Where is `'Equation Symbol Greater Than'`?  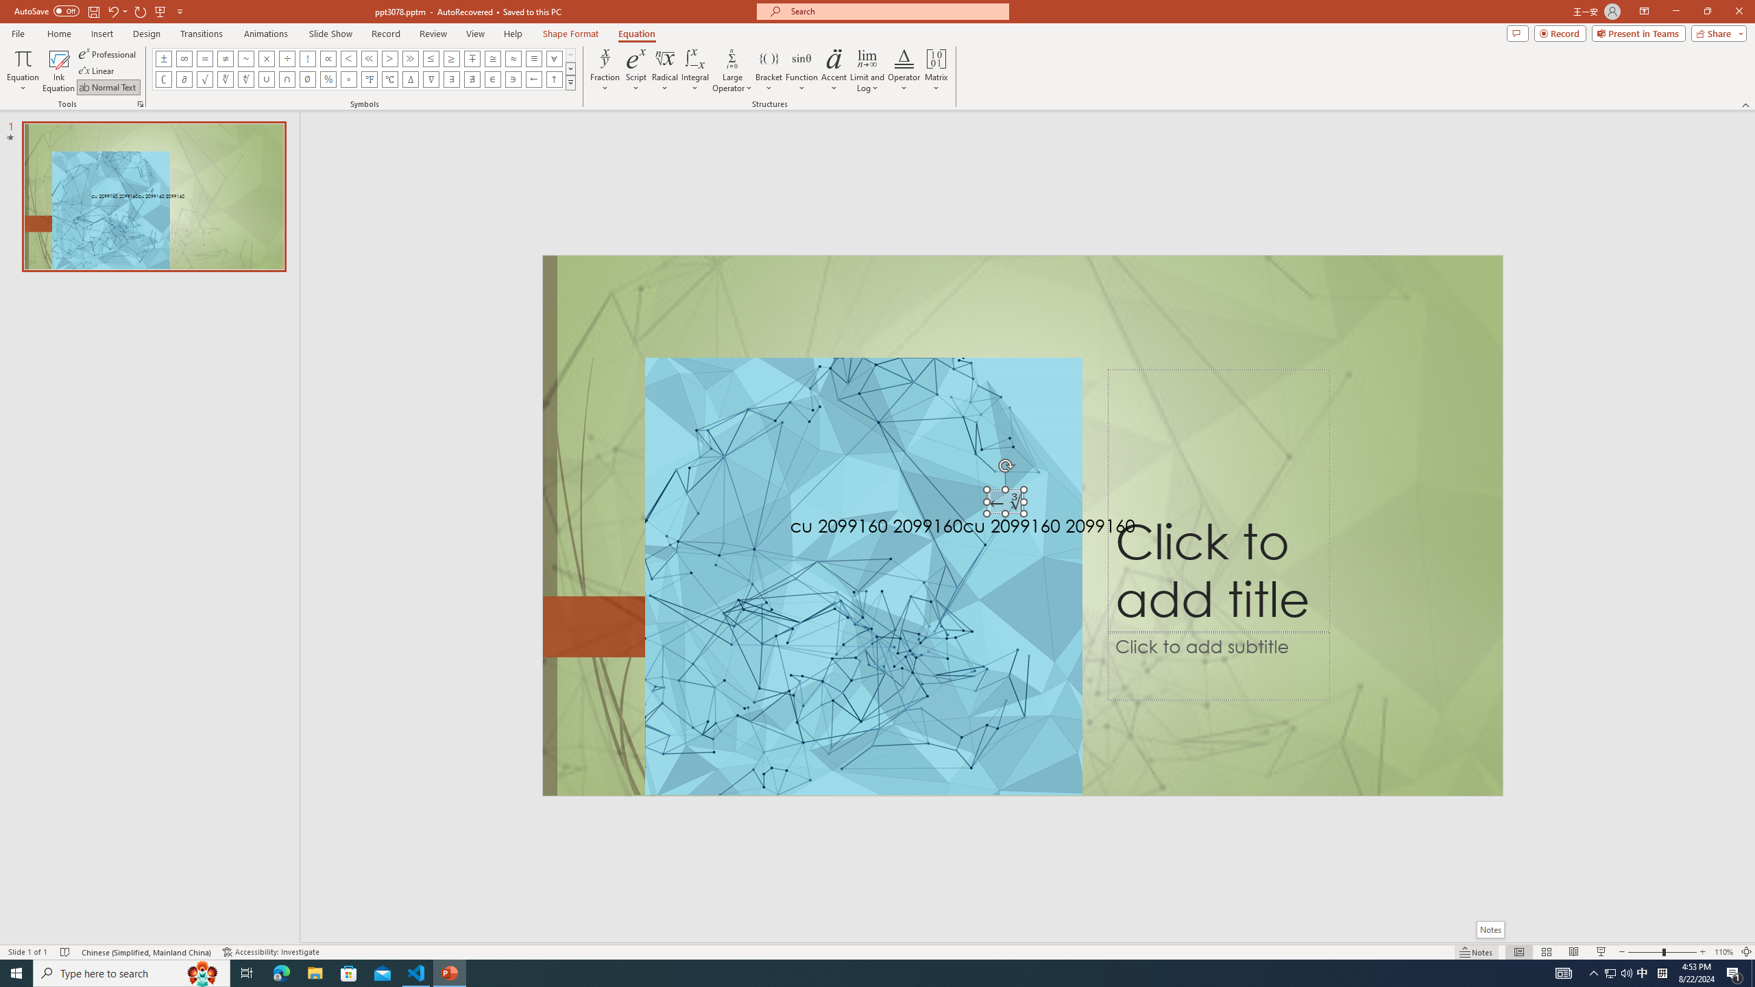
'Equation Symbol Greater Than' is located at coordinates (389, 58).